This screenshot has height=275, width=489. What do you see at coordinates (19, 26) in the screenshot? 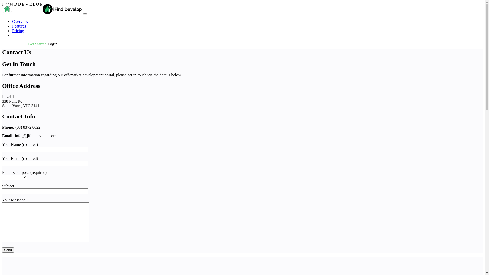
I see `'Features'` at bounding box center [19, 26].